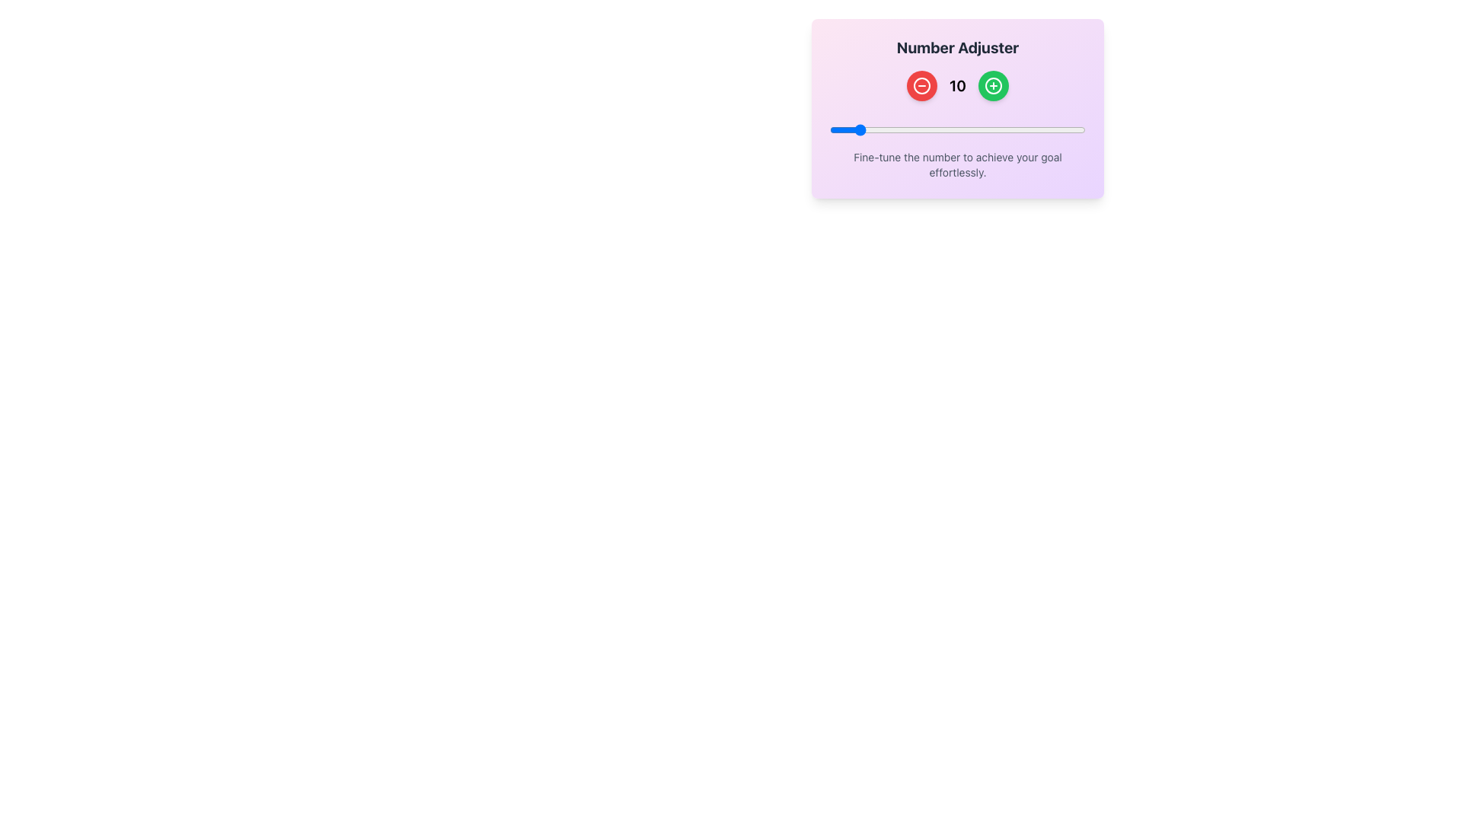 The image size is (1462, 822). Describe the element at coordinates (1052, 129) in the screenshot. I see `the slider` at that location.